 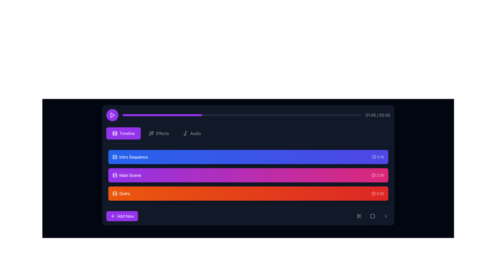 What do you see at coordinates (380, 194) in the screenshot?
I see `the text label displaying '0:20', which is part of the 'Outro' block and located to the right of a clock icon, to initiate further actions` at bounding box center [380, 194].